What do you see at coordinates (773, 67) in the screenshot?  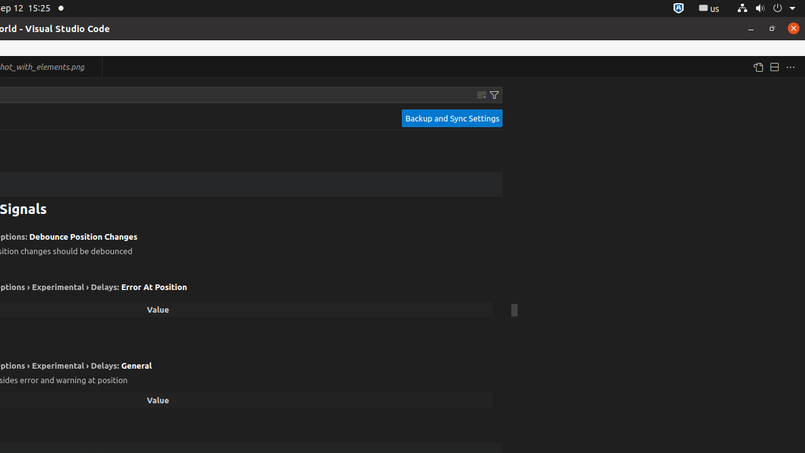 I see `'Split Editor Right (Ctrl+\) [Alt] Split Editor Down'` at bounding box center [773, 67].